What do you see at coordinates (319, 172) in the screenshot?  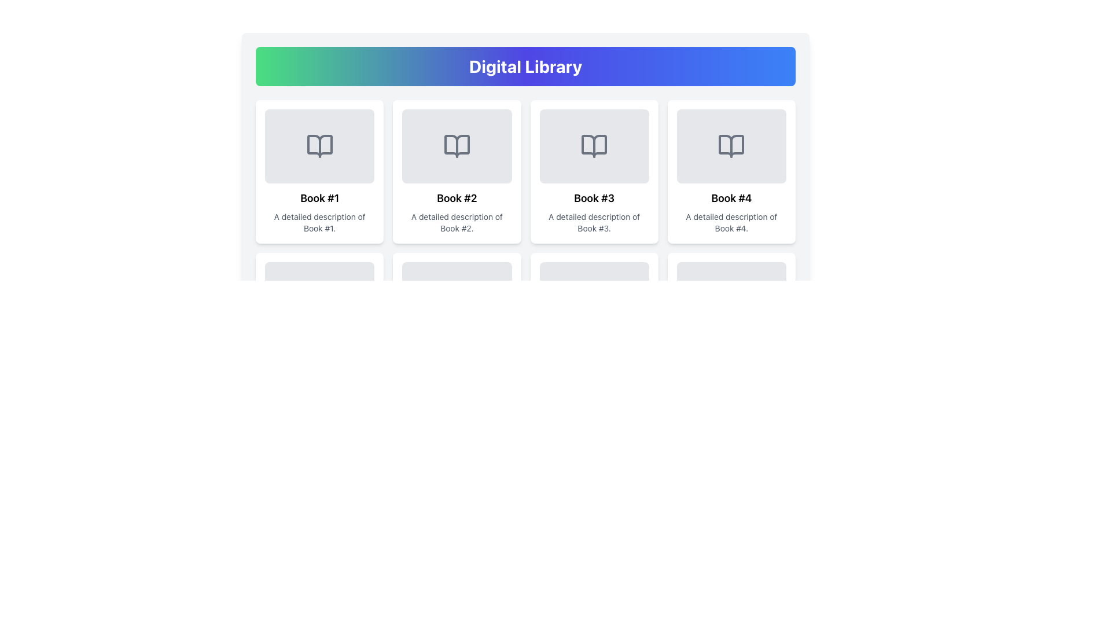 I see `the first informational card` at bounding box center [319, 172].